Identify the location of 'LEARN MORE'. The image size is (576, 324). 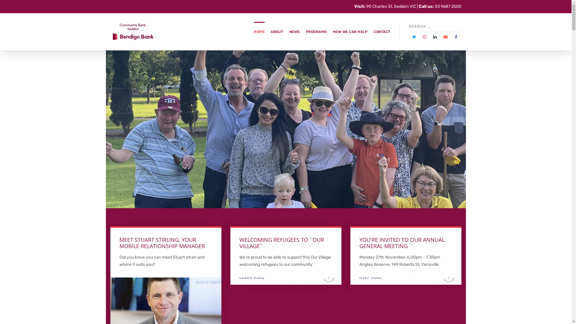
(230, 281).